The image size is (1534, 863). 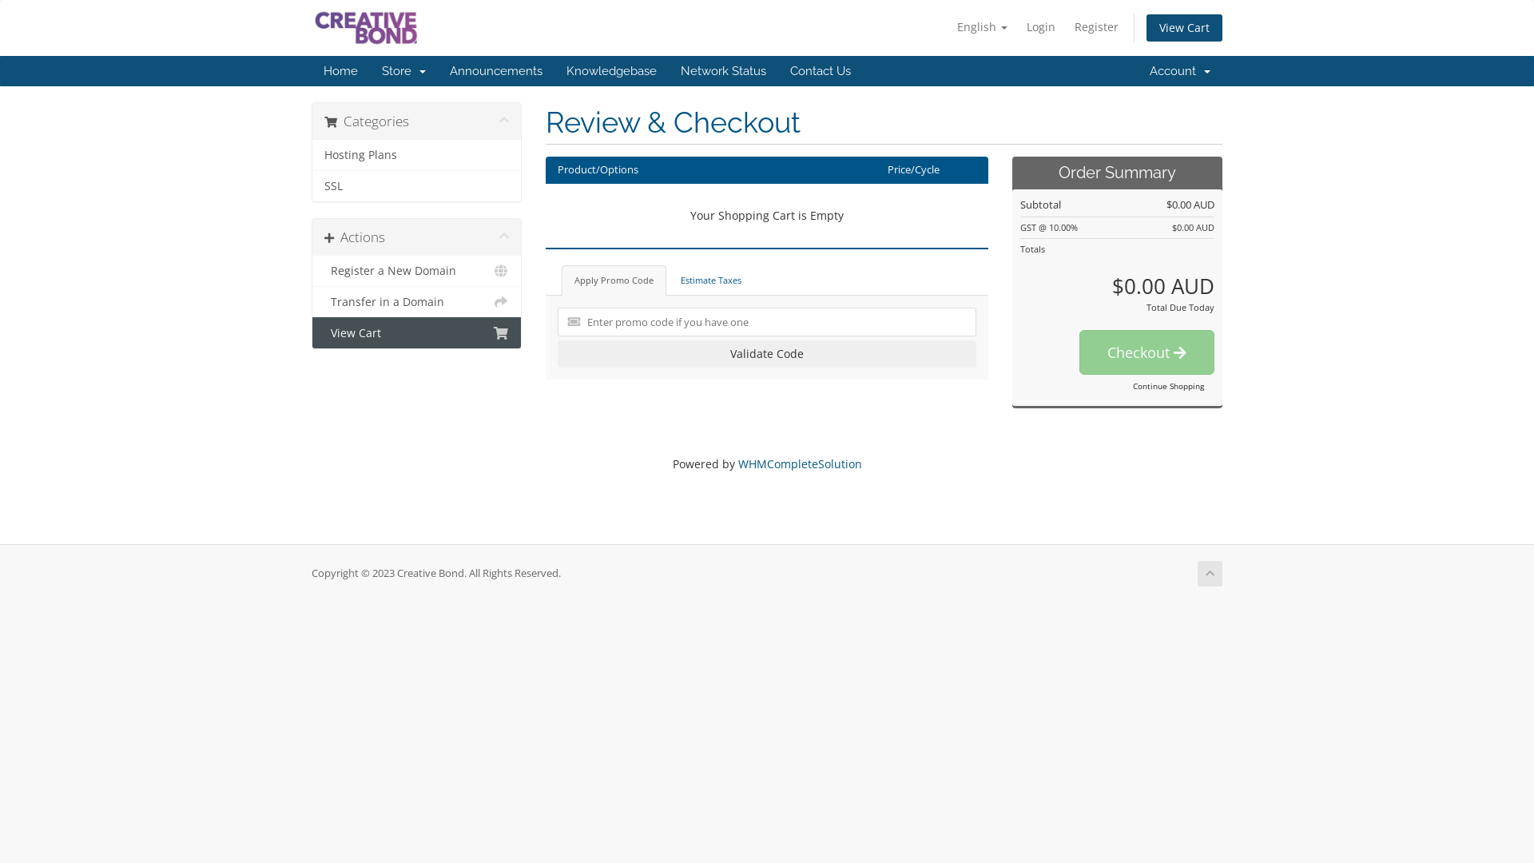 I want to click on 'Validate Code', so click(x=767, y=353).